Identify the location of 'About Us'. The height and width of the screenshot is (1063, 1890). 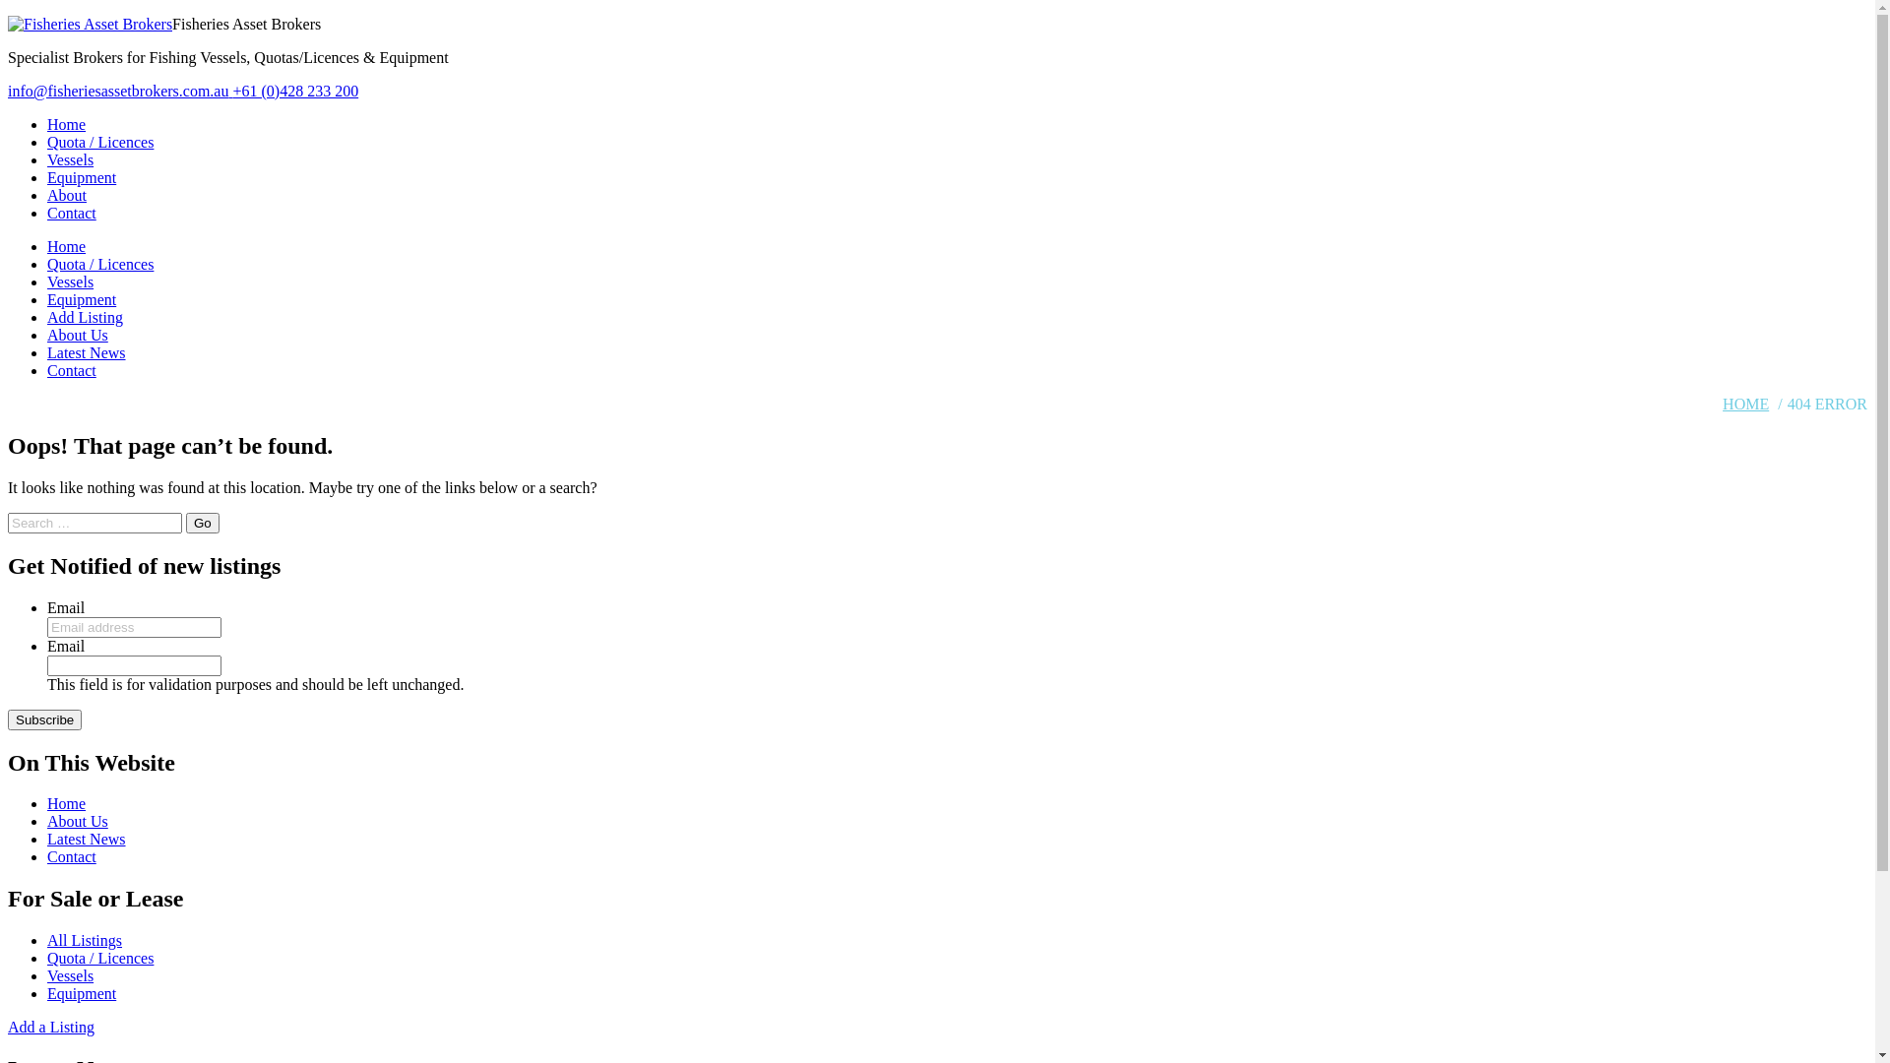
(77, 334).